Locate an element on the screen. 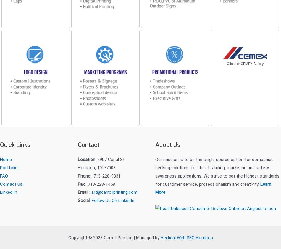 The width and height of the screenshot is (281, 249). 'Follow Us On LinkedIn' is located at coordinates (91, 200).